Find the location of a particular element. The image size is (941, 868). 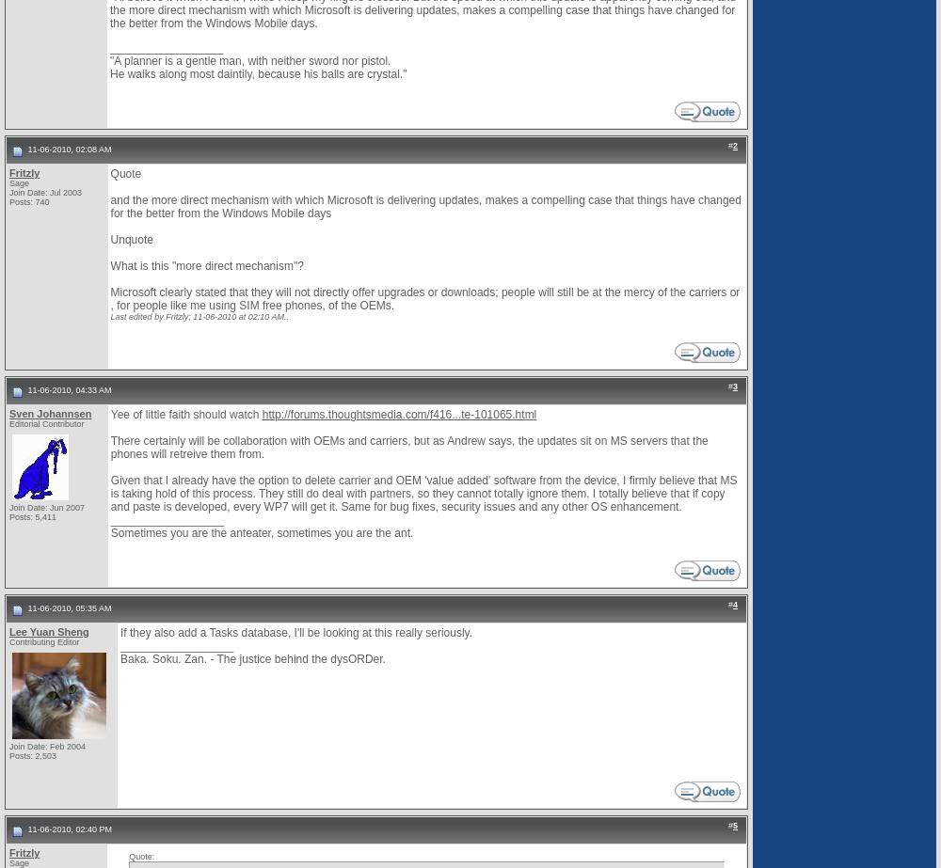

'Posts: 2,503' is located at coordinates (33, 755).